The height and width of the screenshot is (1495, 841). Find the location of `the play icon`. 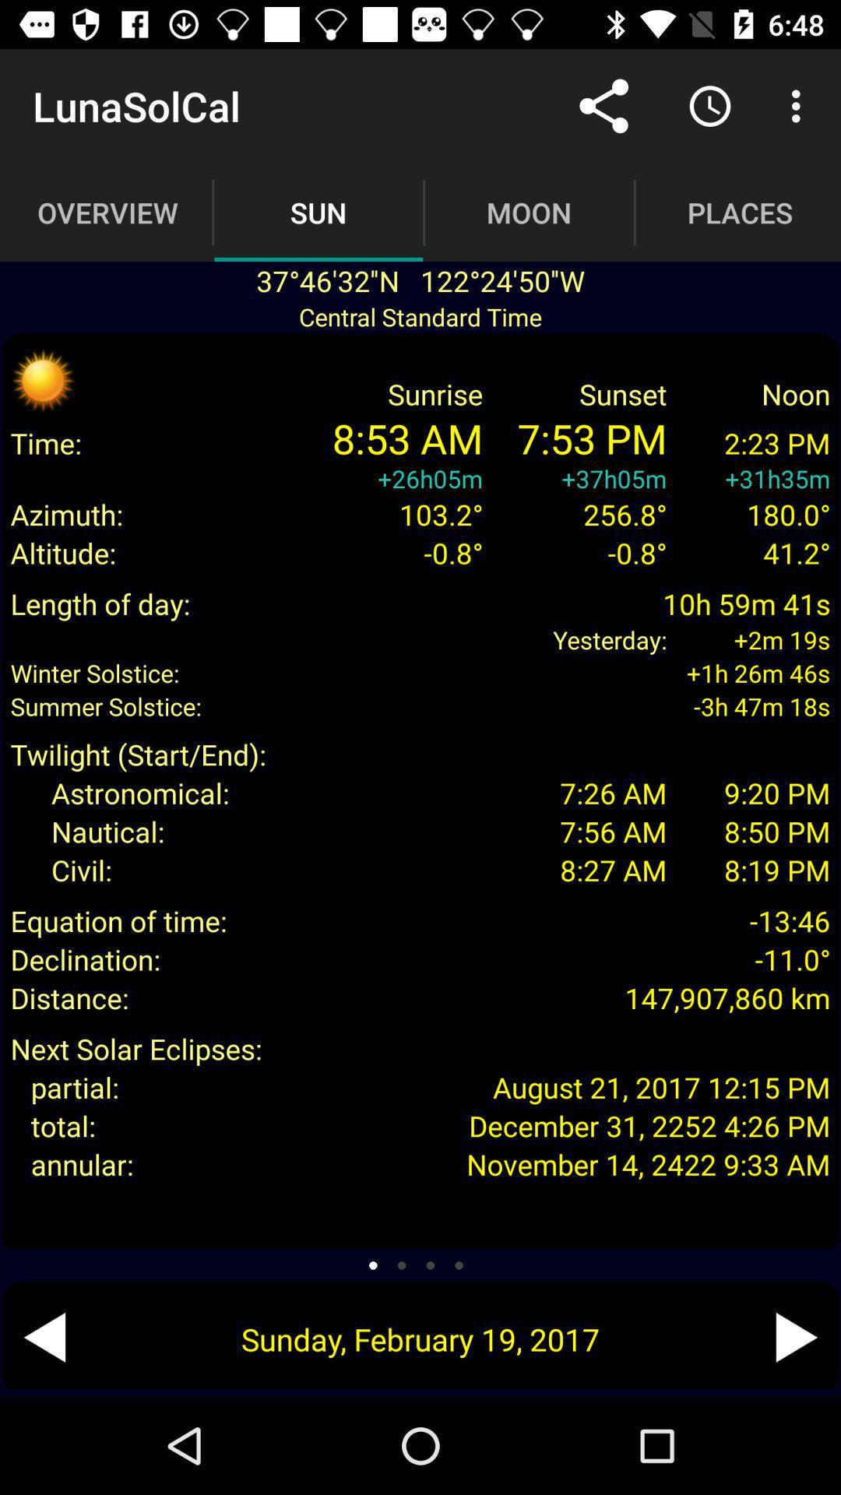

the play icon is located at coordinates (796, 1336).